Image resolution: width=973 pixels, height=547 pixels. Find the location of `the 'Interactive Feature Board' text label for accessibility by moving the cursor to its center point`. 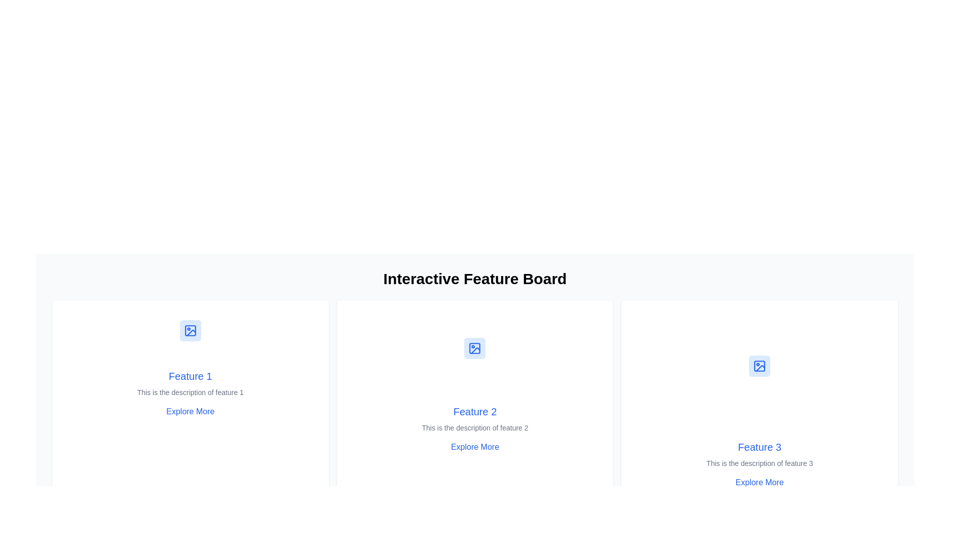

the 'Interactive Feature Board' text label for accessibility by moving the cursor to its center point is located at coordinates (474, 279).